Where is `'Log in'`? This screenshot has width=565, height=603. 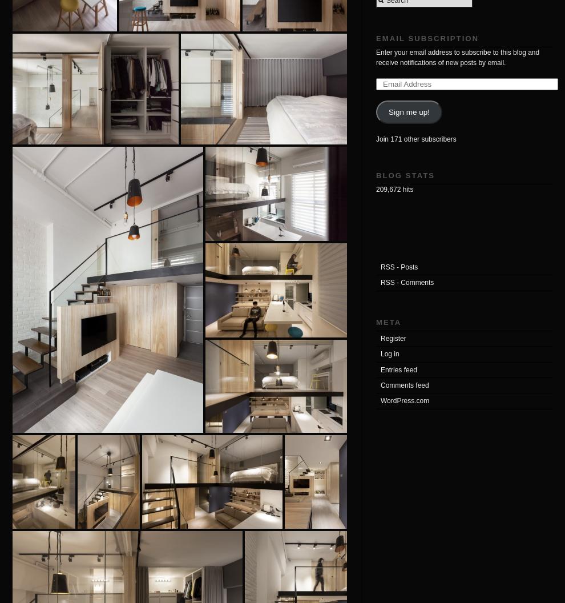 'Log in' is located at coordinates (390, 353).